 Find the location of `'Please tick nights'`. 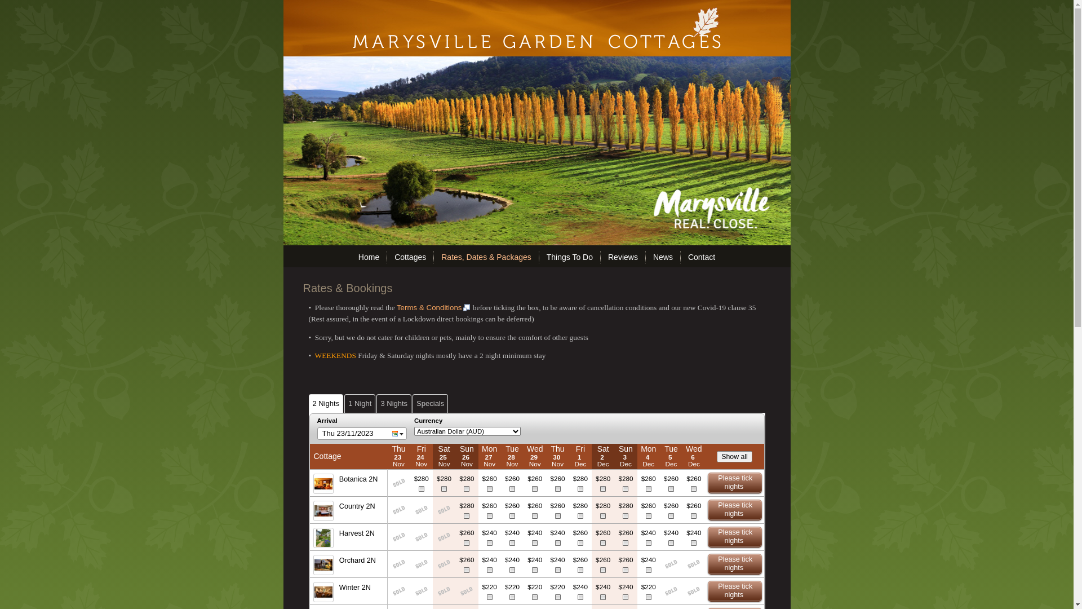

'Please tick nights' is located at coordinates (735, 482).